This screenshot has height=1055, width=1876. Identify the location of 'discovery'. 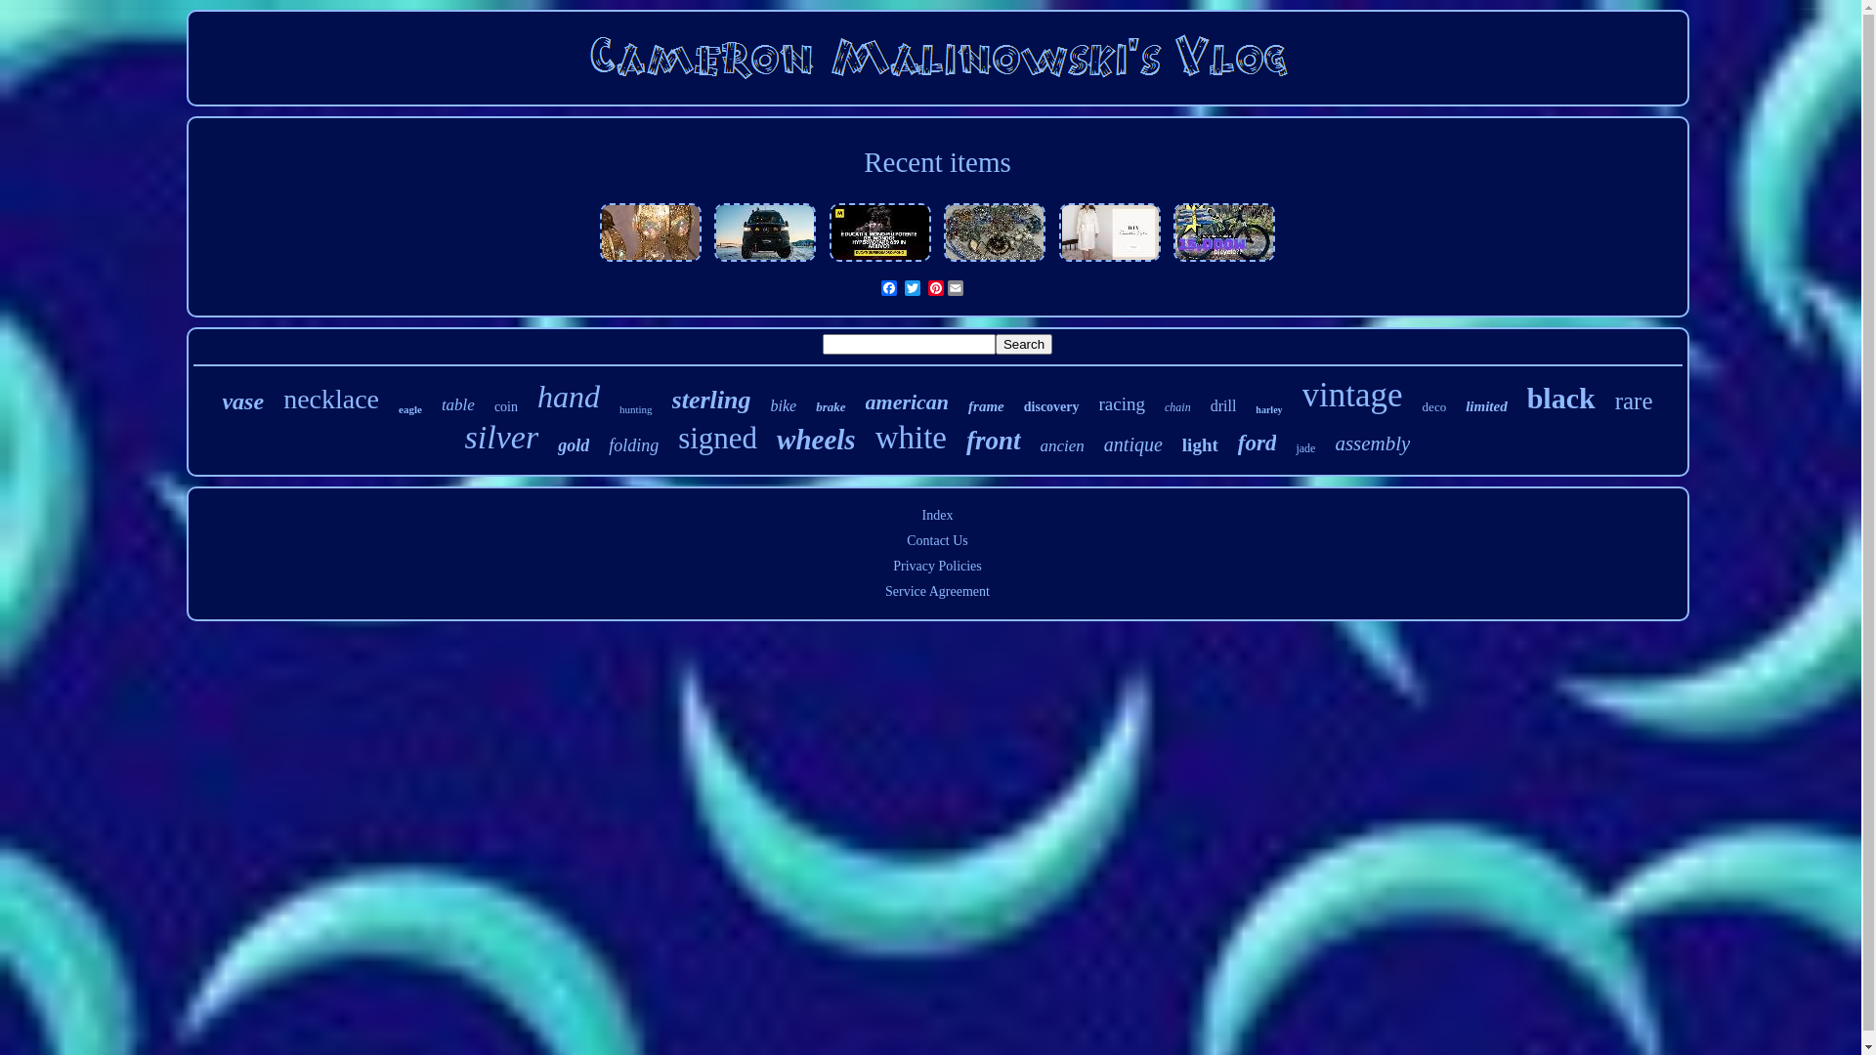
(1050, 405).